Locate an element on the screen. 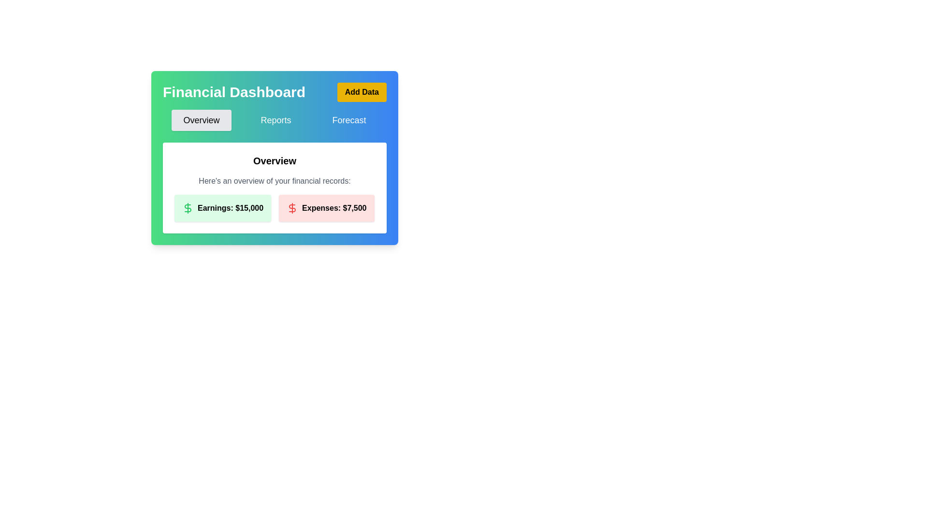 Image resolution: width=928 pixels, height=522 pixels. the left or right section of the Information Display with Two Panels to interact with the financial summary is located at coordinates (274, 208).